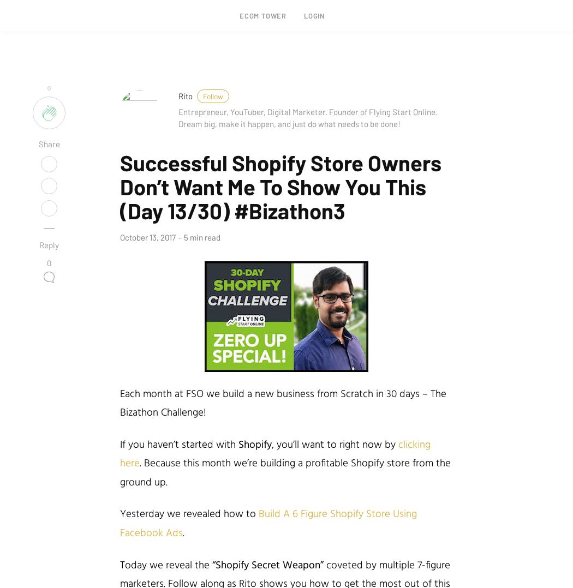 The image size is (573, 588). I want to click on ', you’ll want to right now by', so click(271, 444).